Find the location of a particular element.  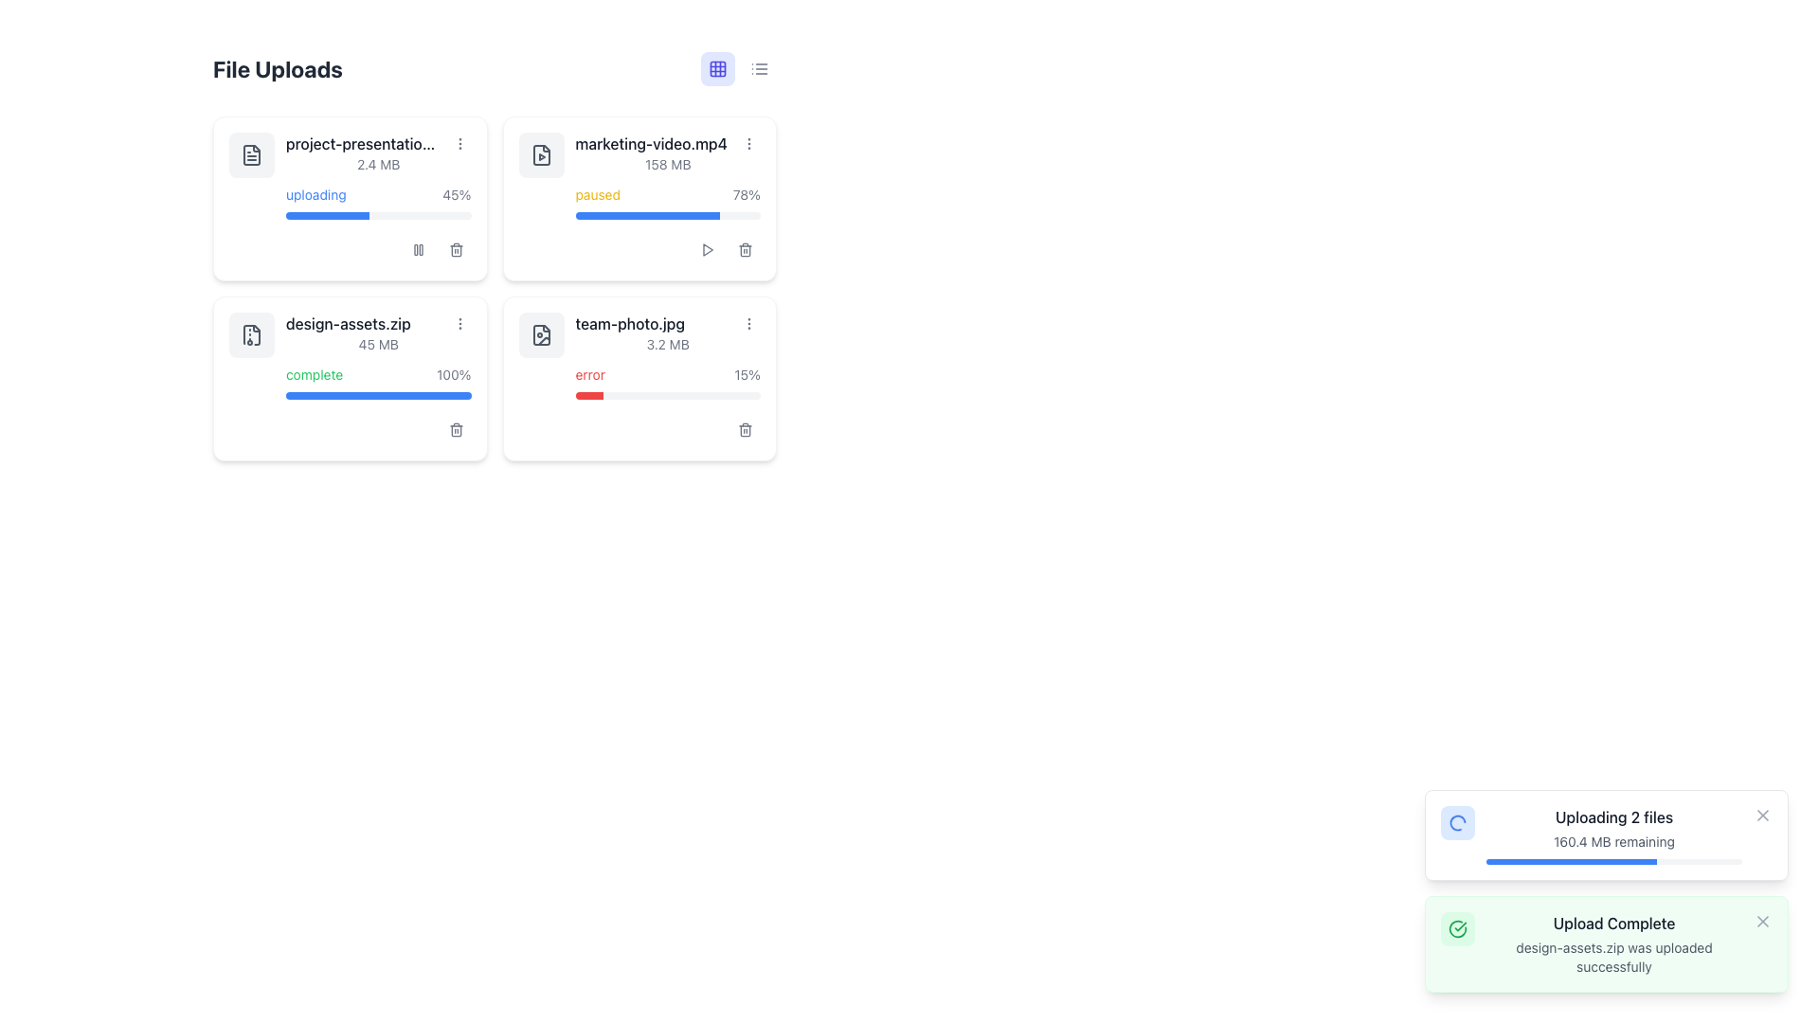

the text label displaying 'Uploading 2 files' in dark gray on a white background, located in the upper section of a notification card is located at coordinates (1613, 817).